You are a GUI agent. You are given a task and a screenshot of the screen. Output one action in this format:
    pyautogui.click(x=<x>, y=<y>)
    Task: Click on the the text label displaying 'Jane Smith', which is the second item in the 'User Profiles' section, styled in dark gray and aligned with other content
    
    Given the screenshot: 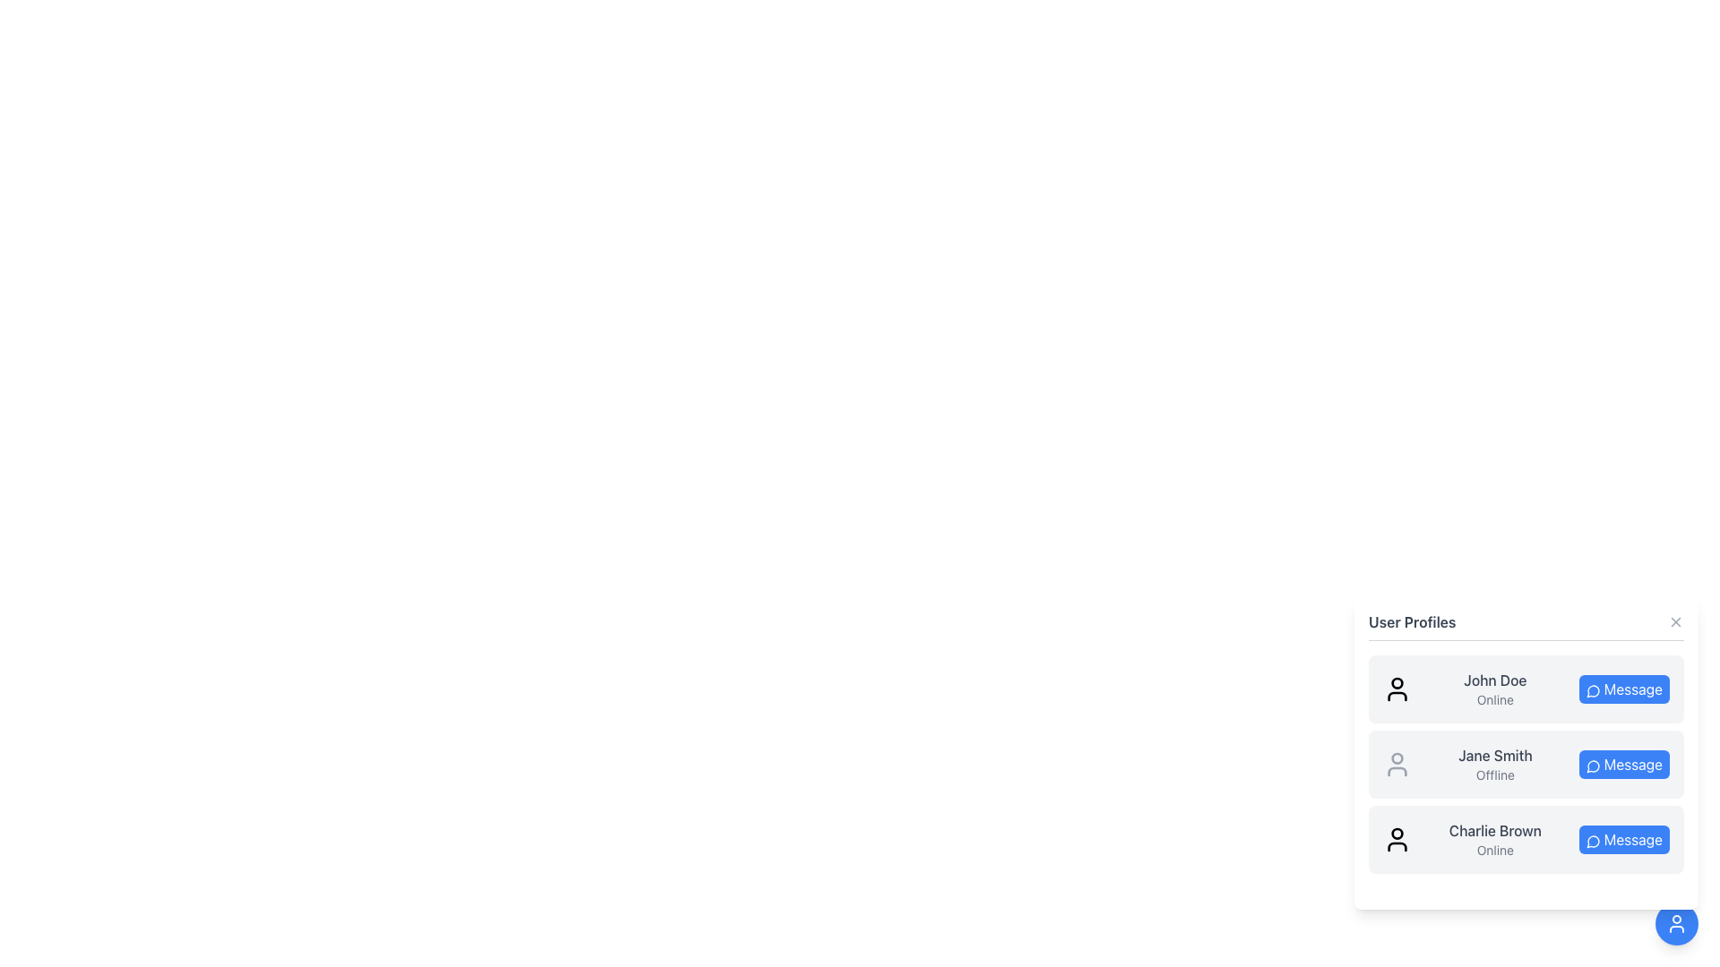 What is the action you would take?
    pyautogui.click(x=1495, y=756)
    